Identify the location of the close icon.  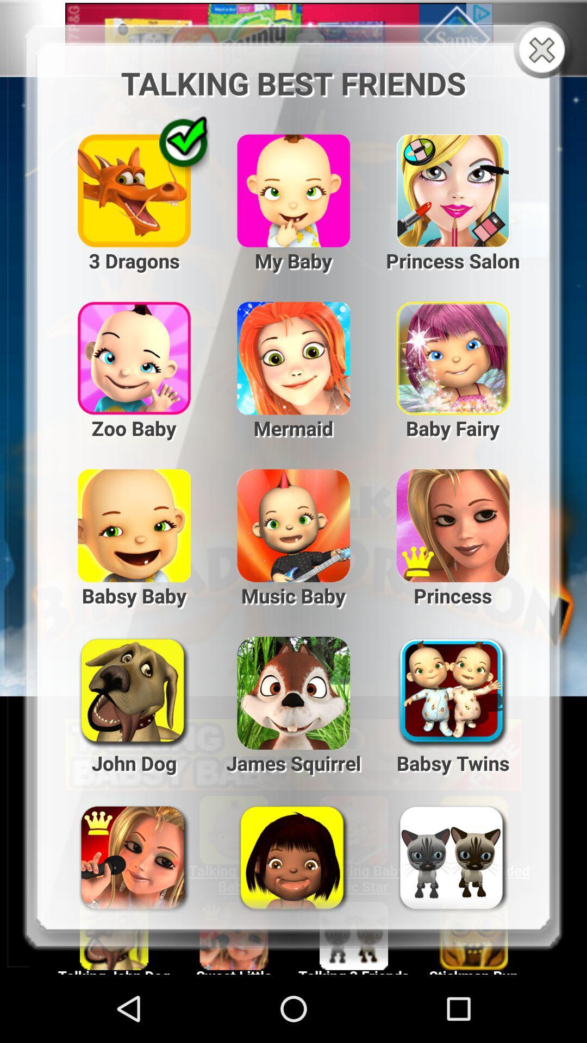
(544, 54).